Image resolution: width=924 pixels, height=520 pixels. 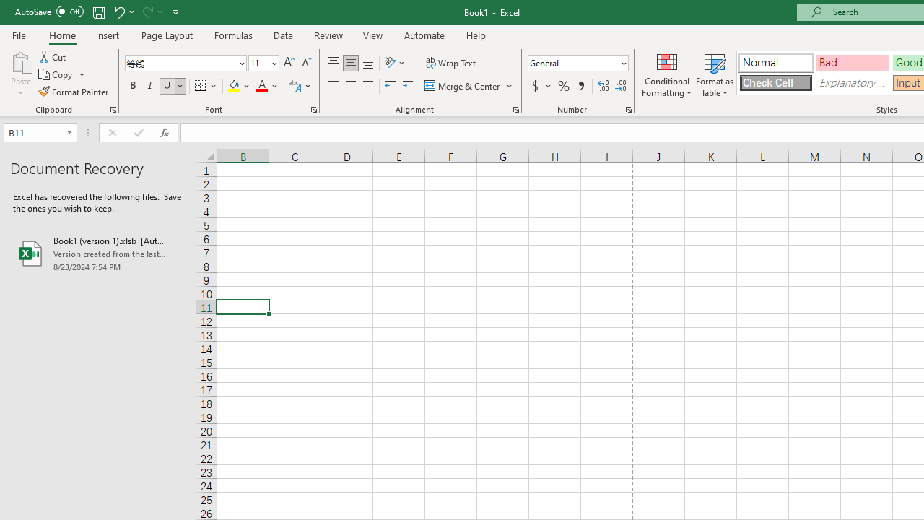 What do you see at coordinates (450, 62) in the screenshot?
I see `'Wrap Text'` at bounding box center [450, 62].